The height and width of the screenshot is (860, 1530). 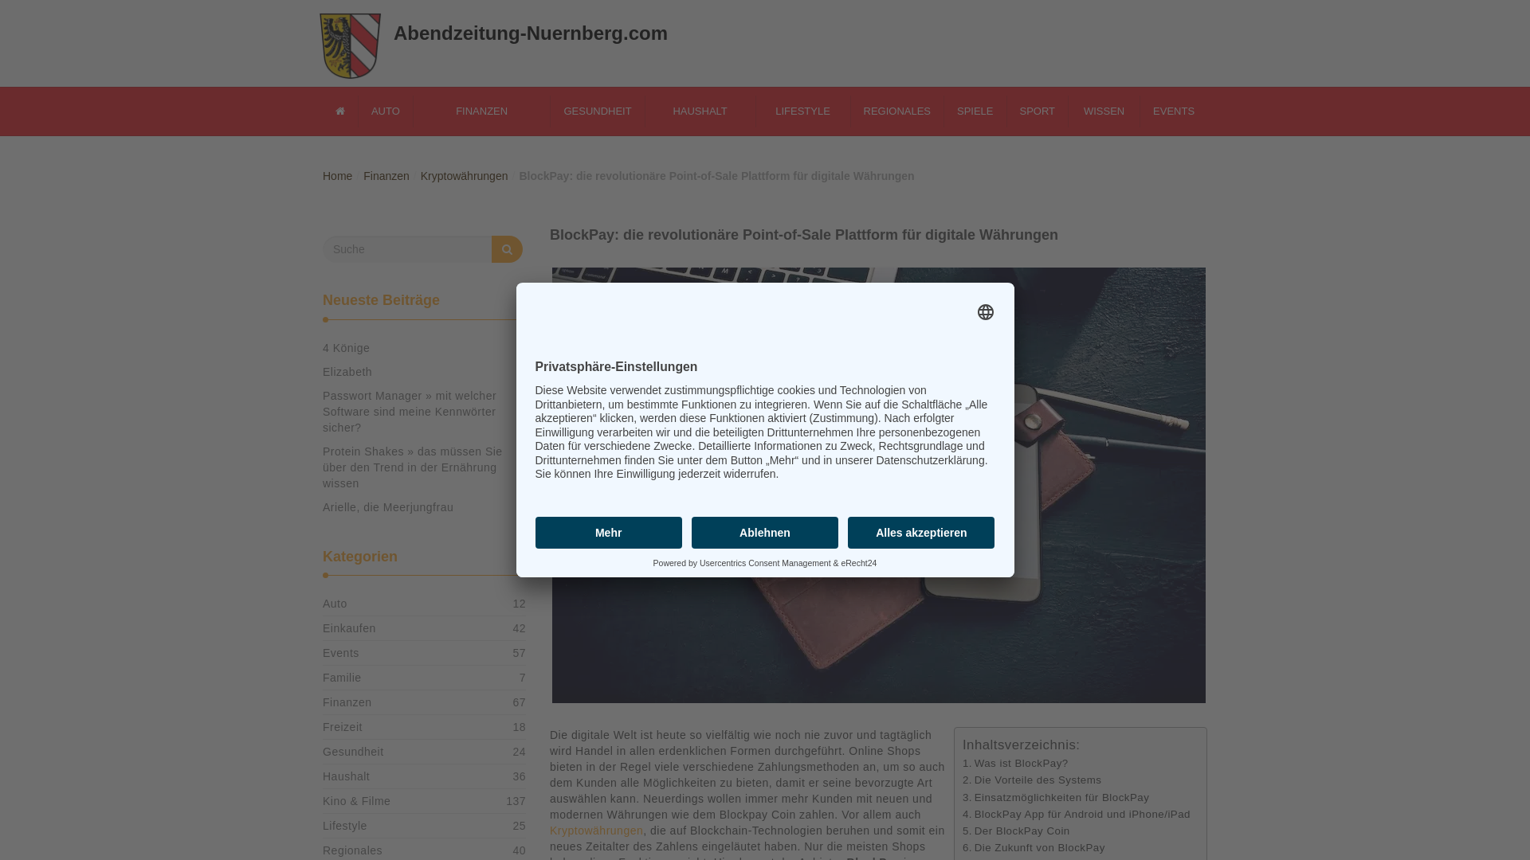 What do you see at coordinates (321, 776) in the screenshot?
I see `'Haushalt` at bounding box center [321, 776].